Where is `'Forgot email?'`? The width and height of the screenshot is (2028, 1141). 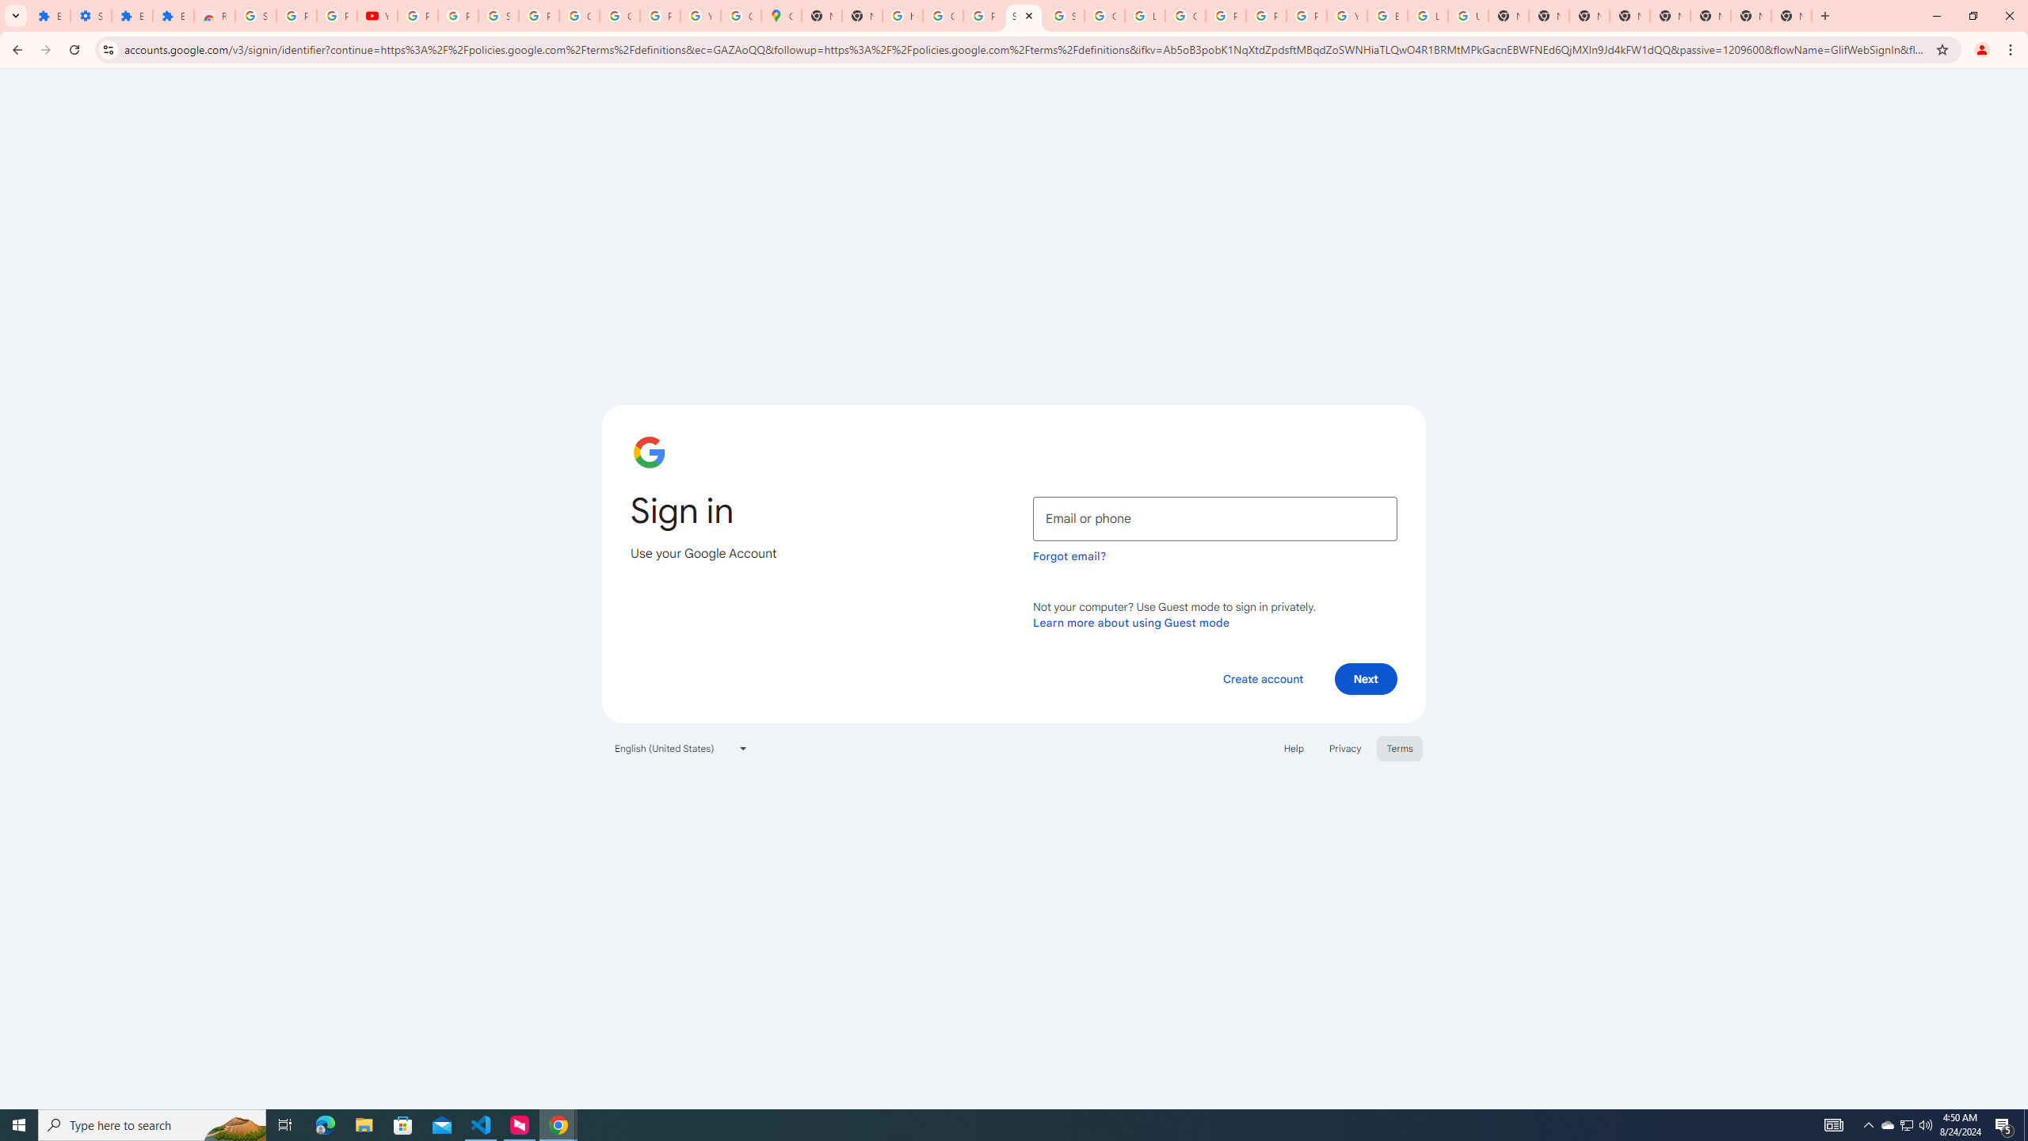 'Forgot email?' is located at coordinates (1069, 555).